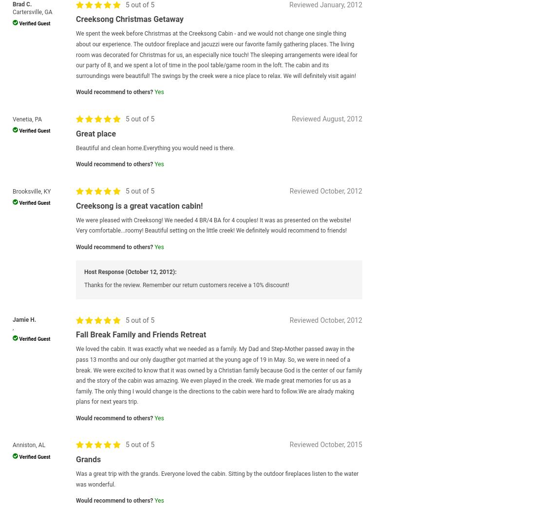  What do you see at coordinates (213, 225) in the screenshot?
I see `'We were pleased with Creeksong!  We needed 4 BR/4 BA for 4 couples!  It was as presented on the website!  Very comfortable...roomy!  Beautiful setting on the little creek!  We definitely would recommend to friends!'` at bounding box center [213, 225].